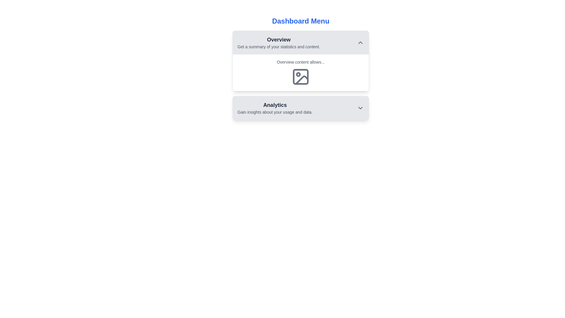 The height and width of the screenshot is (318, 565). What do you see at coordinates (278, 46) in the screenshot?
I see `the text label that reads 'Get a summary of your statistics and content.' located under the 'Overview' label in the Dashboard Menu` at bounding box center [278, 46].